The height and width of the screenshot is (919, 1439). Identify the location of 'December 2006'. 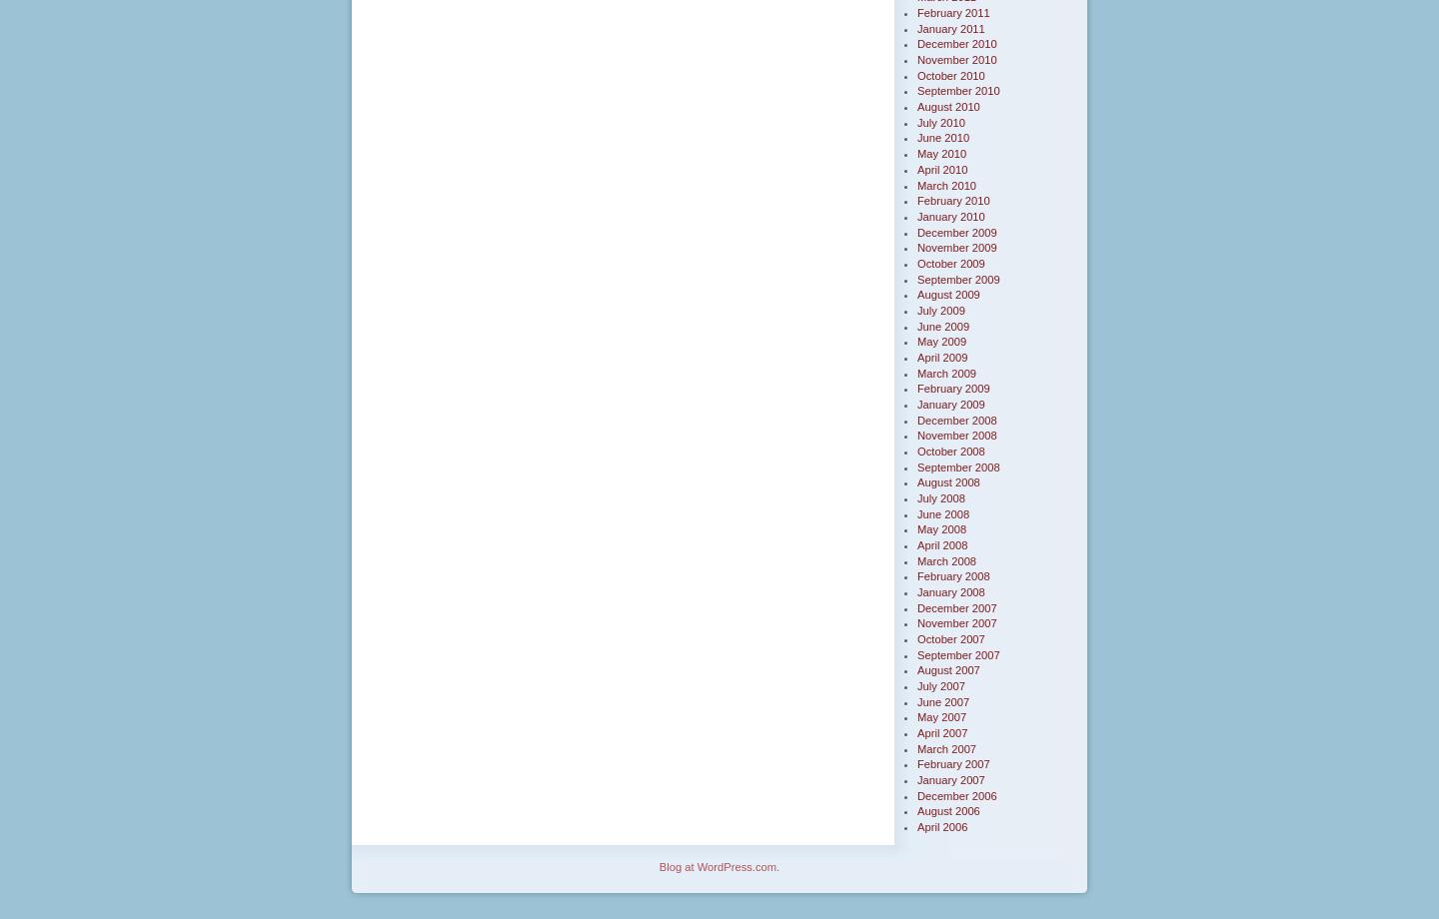
(956, 794).